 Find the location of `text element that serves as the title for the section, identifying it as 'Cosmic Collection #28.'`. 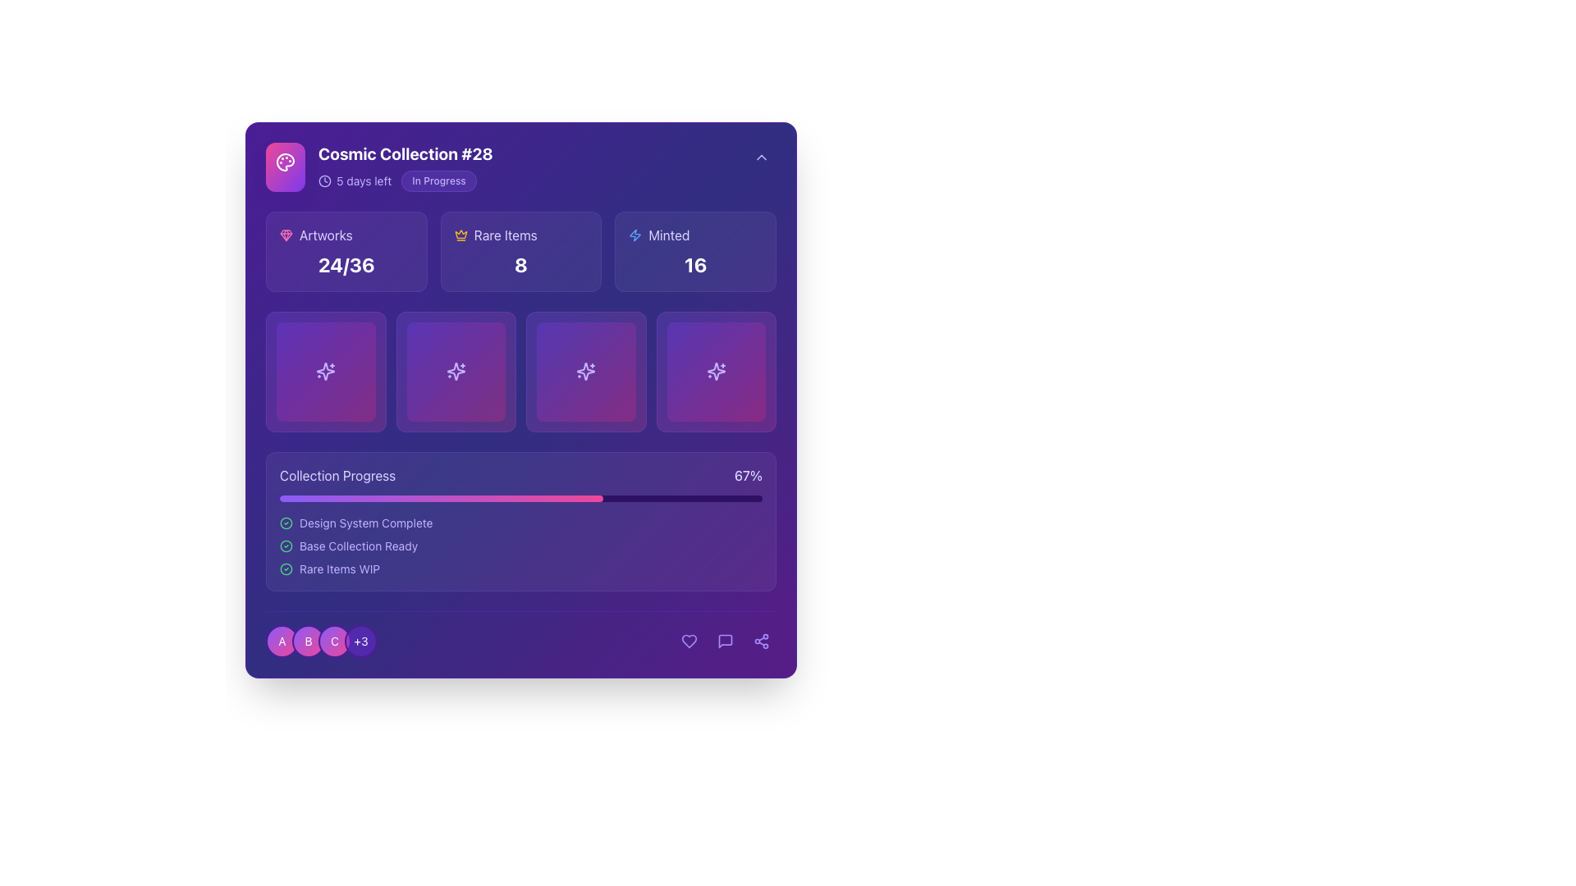

text element that serves as the title for the section, identifying it as 'Cosmic Collection #28.' is located at coordinates (405, 154).